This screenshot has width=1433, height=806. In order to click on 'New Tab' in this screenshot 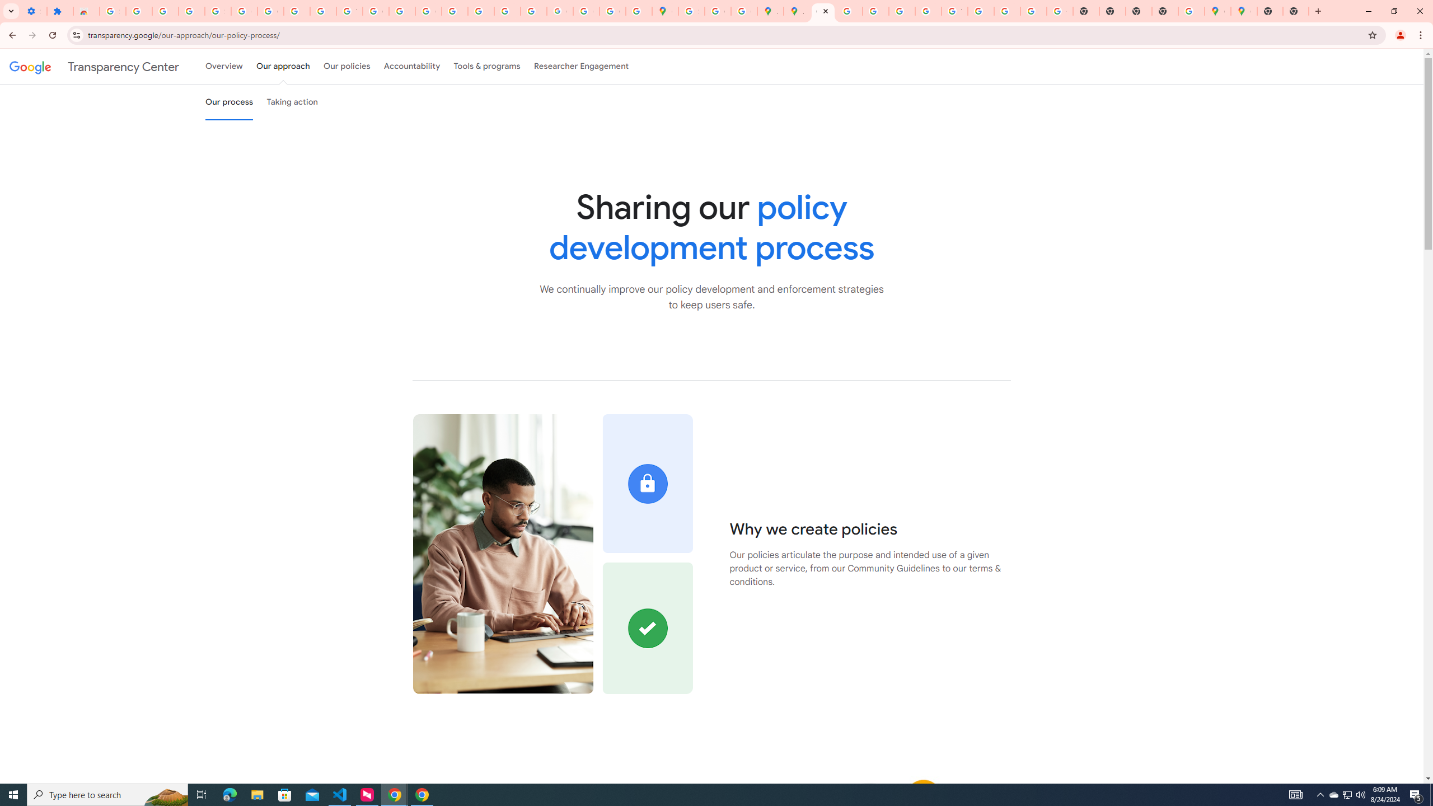, I will do `click(1296, 11)`.